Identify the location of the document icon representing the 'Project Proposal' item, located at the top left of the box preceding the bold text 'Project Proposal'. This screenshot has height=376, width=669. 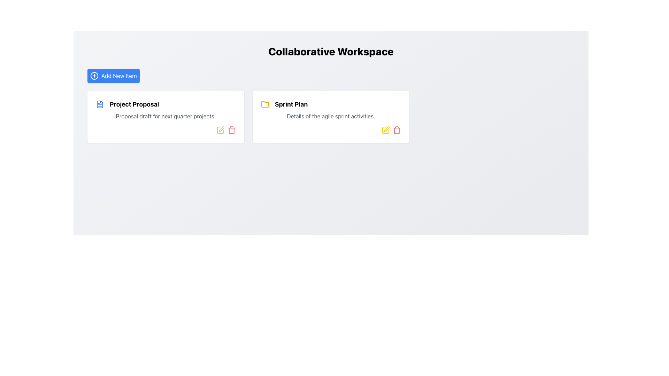
(100, 104).